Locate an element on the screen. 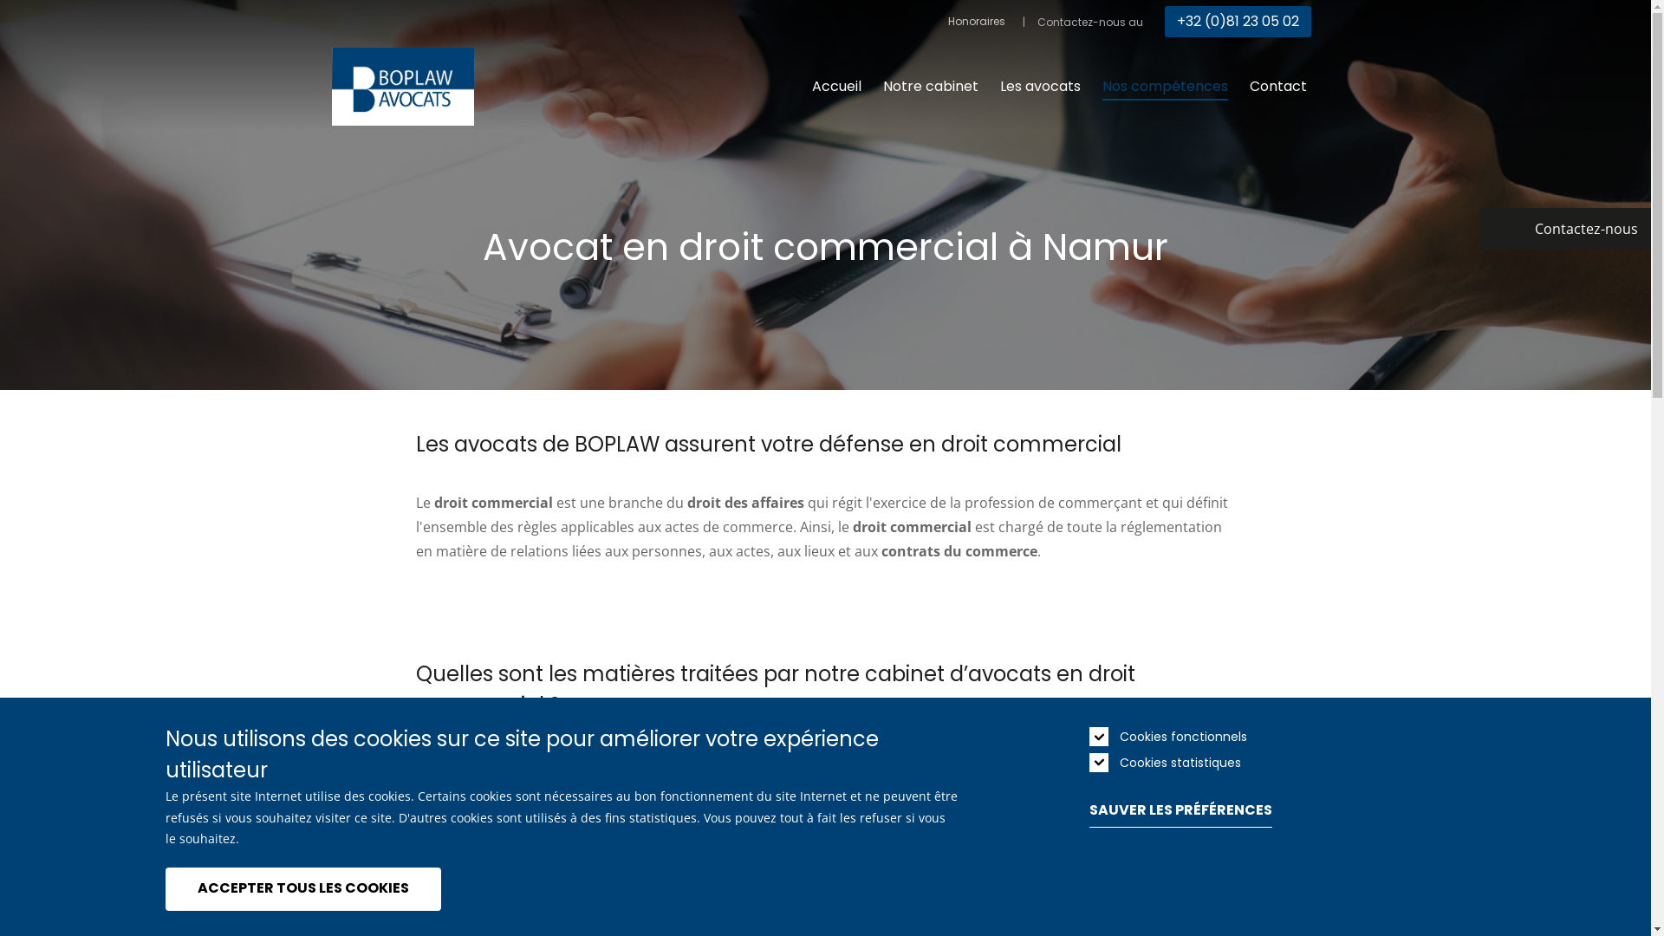 The width and height of the screenshot is (1664, 936). 'Honoraires' is located at coordinates (947, 21).